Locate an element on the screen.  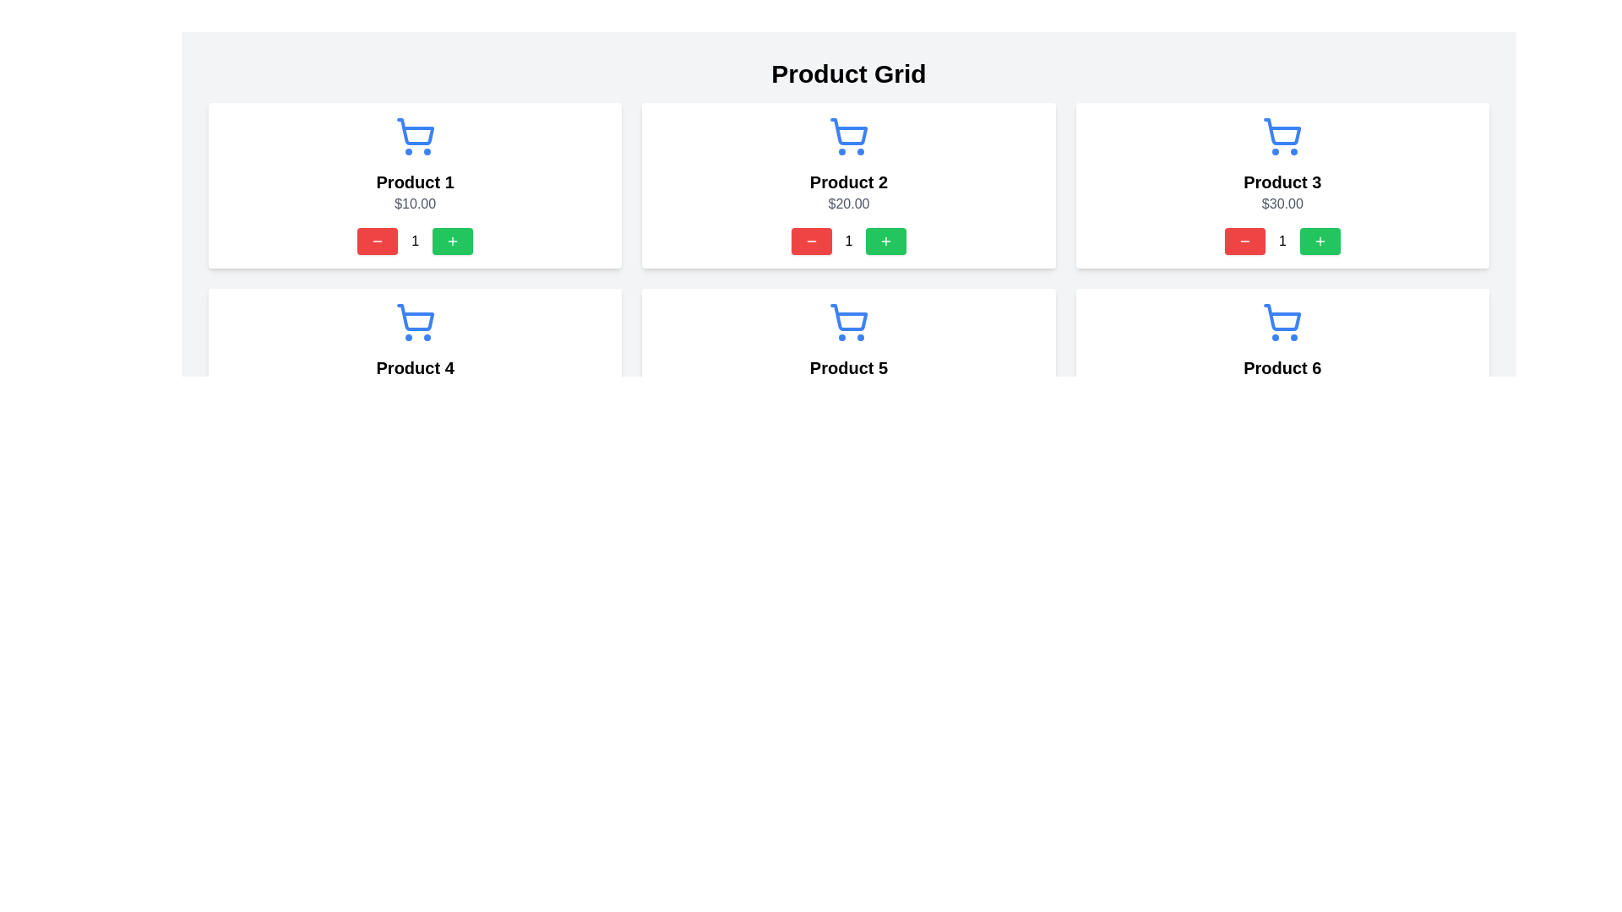
the shopping cart icon located within the card for 'Product 4', which is situated in the second row and first column of the product grid, above the text 'Product 4' and '$40.00' is located at coordinates (415, 322).